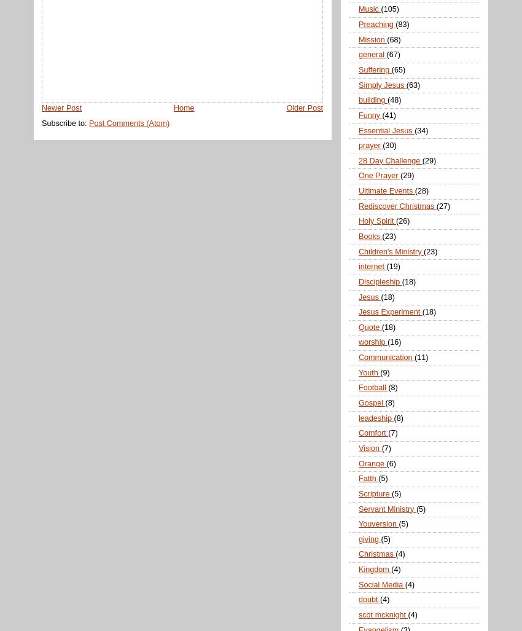 This screenshot has width=522, height=631. I want to click on 'leadeship', so click(375, 417).